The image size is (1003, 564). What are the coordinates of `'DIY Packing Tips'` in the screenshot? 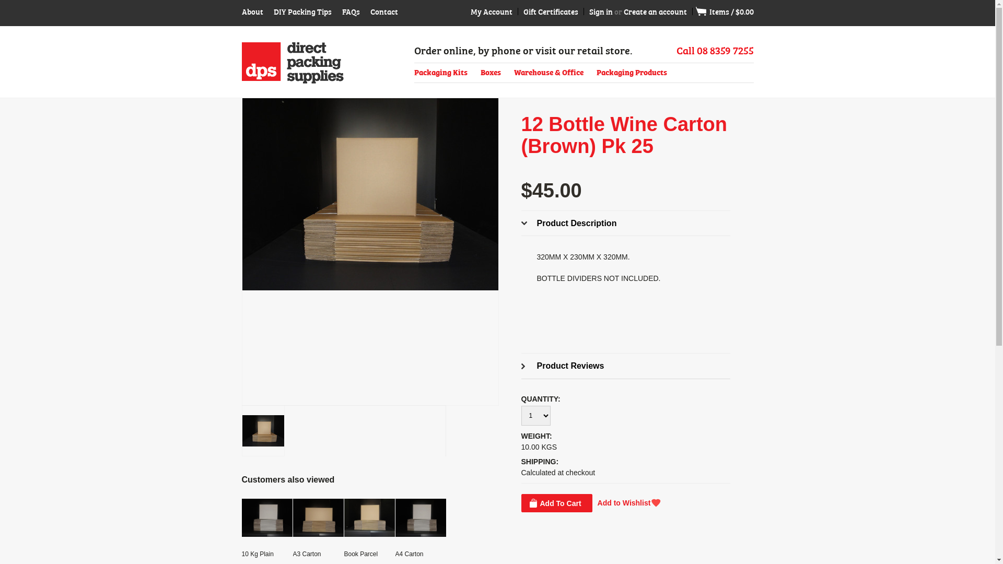 It's located at (302, 11).